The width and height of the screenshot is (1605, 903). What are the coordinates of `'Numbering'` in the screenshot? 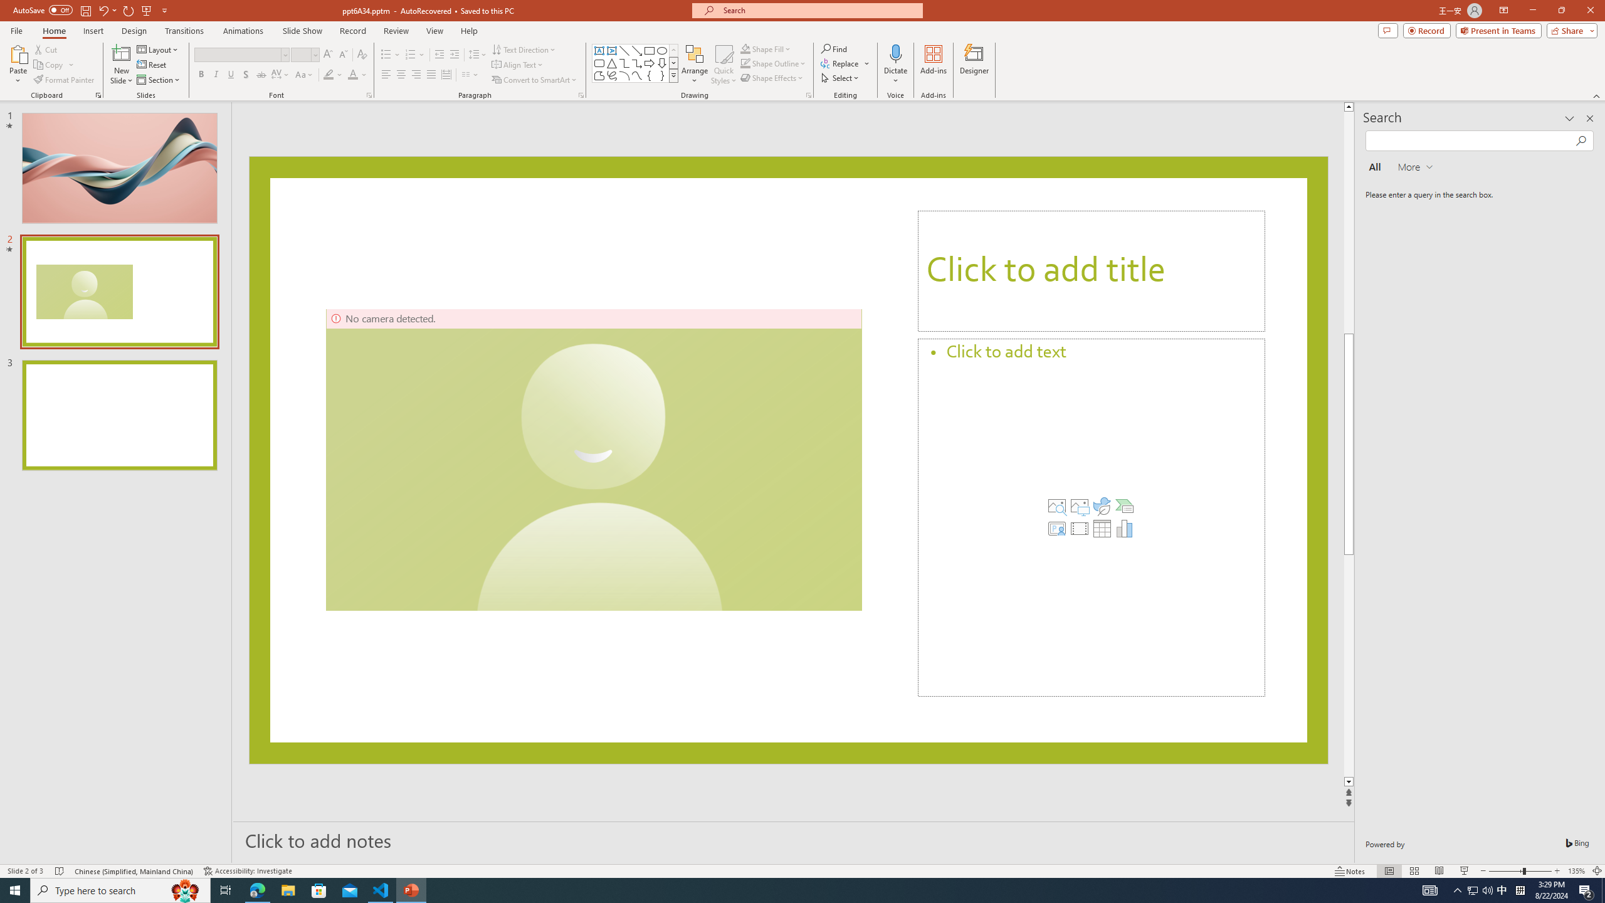 It's located at (411, 55).